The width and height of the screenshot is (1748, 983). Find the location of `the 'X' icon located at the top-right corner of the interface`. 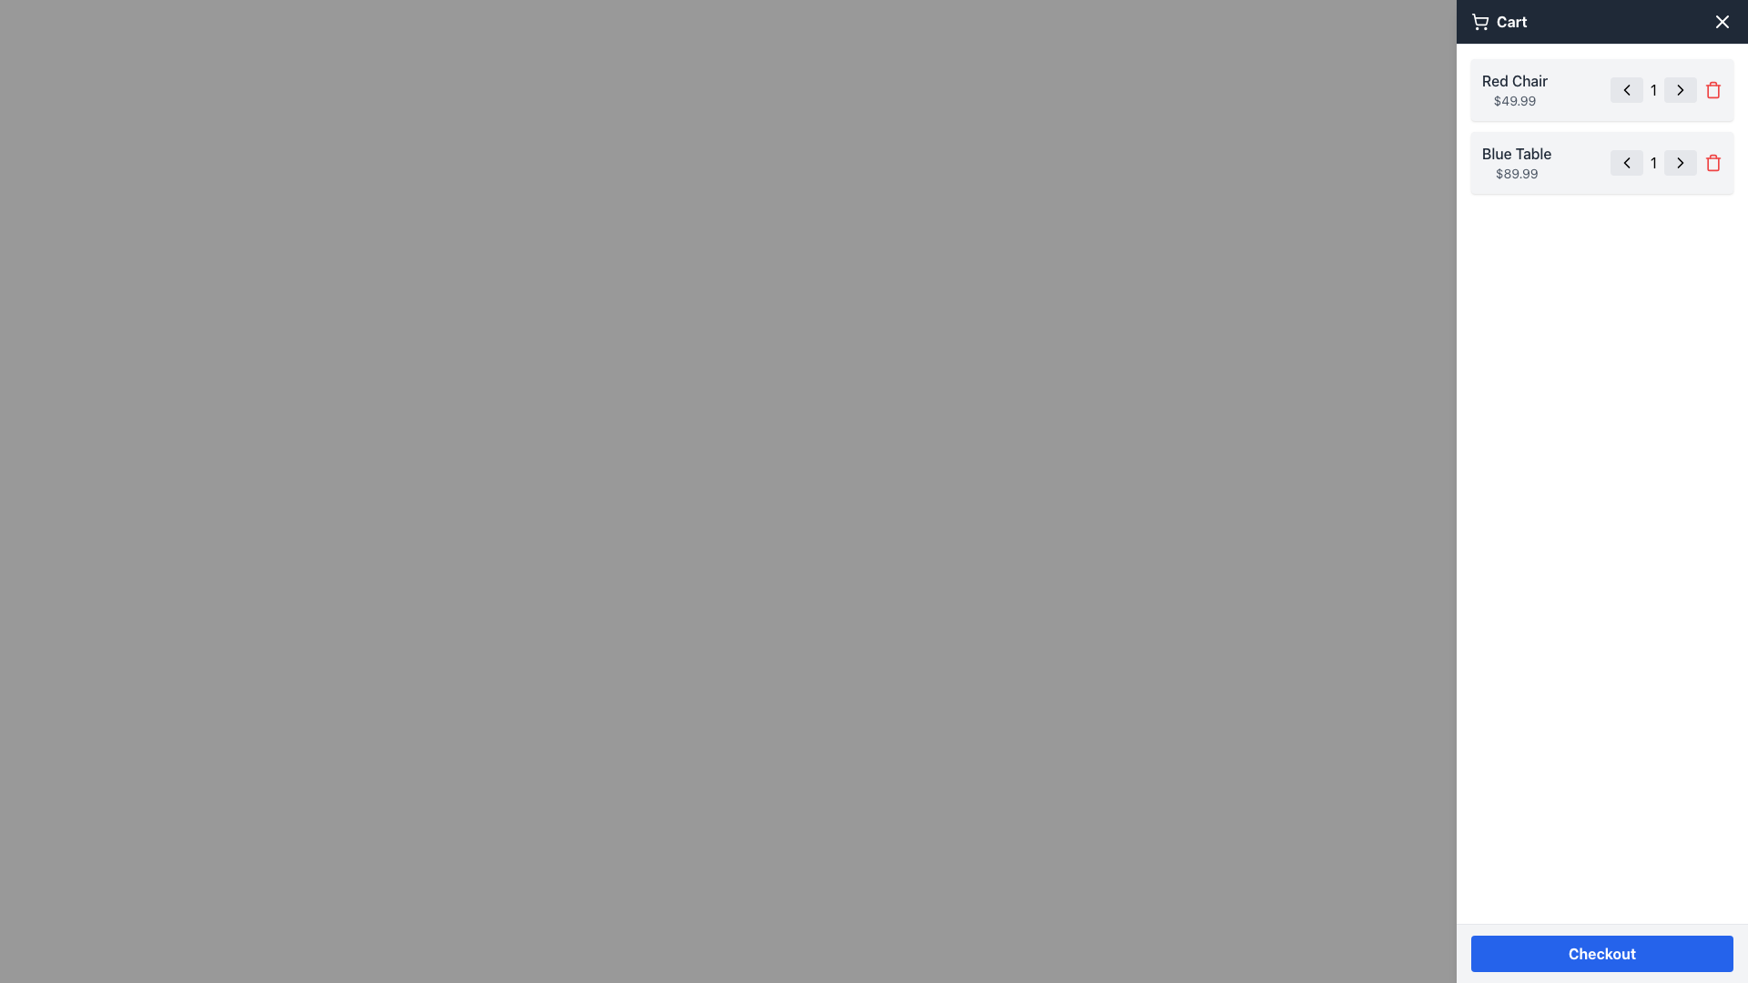

the 'X' icon located at the top-right corner of the interface is located at coordinates (1721, 21).